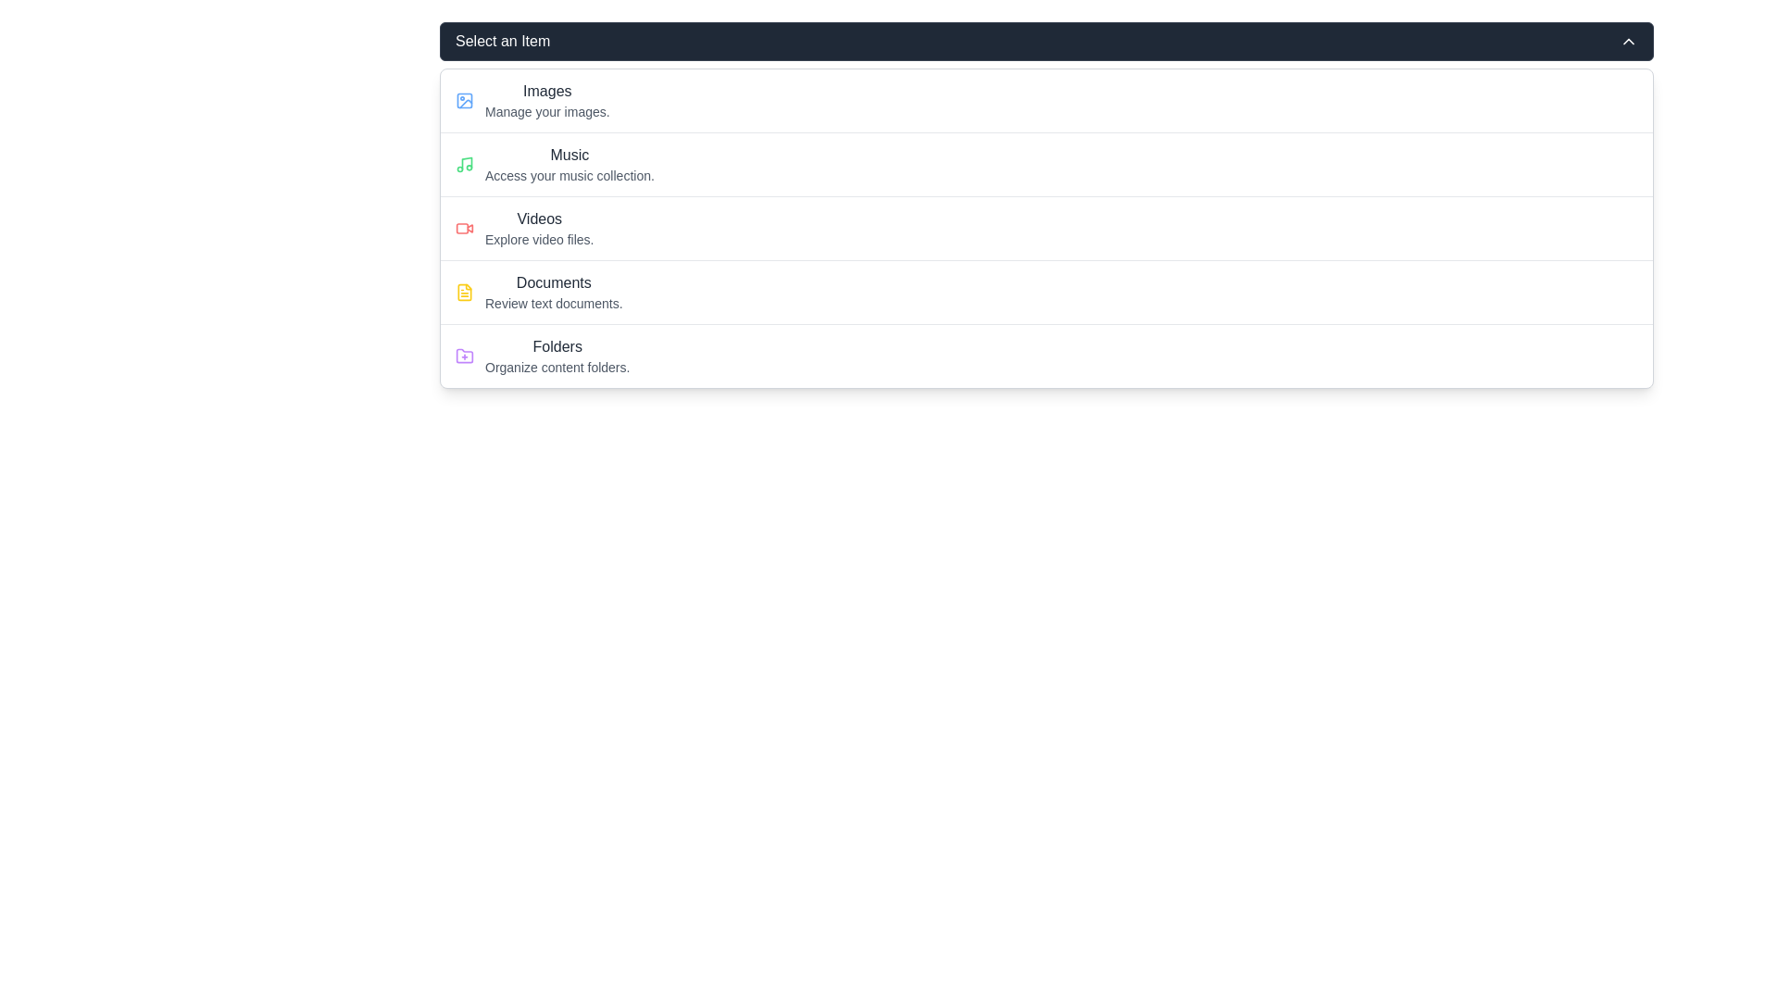 The image size is (1778, 1000). What do you see at coordinates (538, 238) in the screenshot?
I see `static text label that displays 'Explore video files.' which is styled in a smaller gray font and positioned below the 'Videos' heading` at bounding box center [538, 238].